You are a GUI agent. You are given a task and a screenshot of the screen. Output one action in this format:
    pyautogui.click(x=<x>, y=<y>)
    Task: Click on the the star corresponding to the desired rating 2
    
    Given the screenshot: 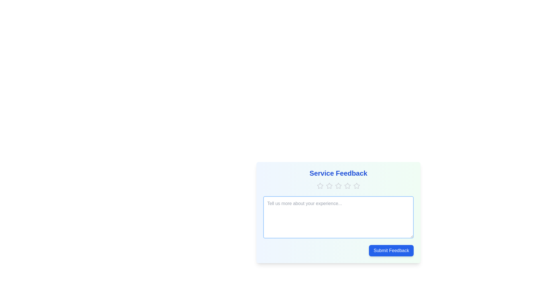 What is the action you would take?
    pyautogui.click(x=329, y=186)
    